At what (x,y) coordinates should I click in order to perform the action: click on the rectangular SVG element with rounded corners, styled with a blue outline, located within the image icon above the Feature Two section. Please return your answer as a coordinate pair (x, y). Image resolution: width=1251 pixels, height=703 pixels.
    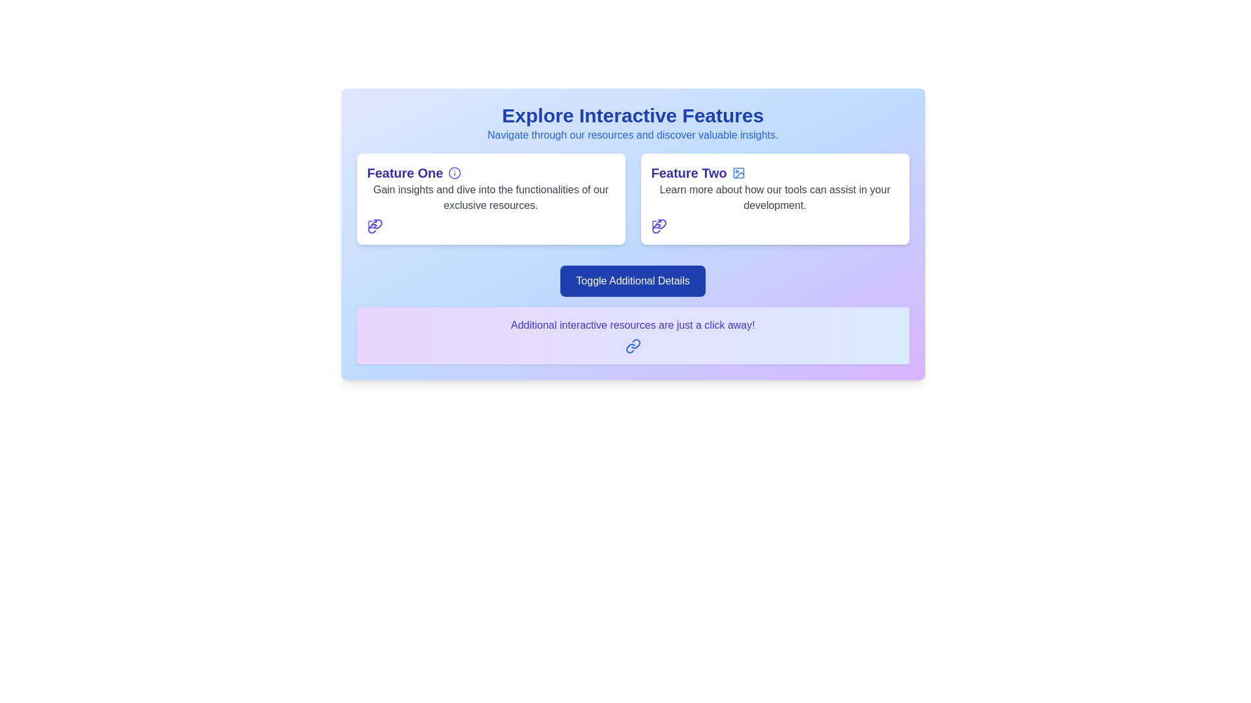
    Looking at the image, I should click on (738, 172).